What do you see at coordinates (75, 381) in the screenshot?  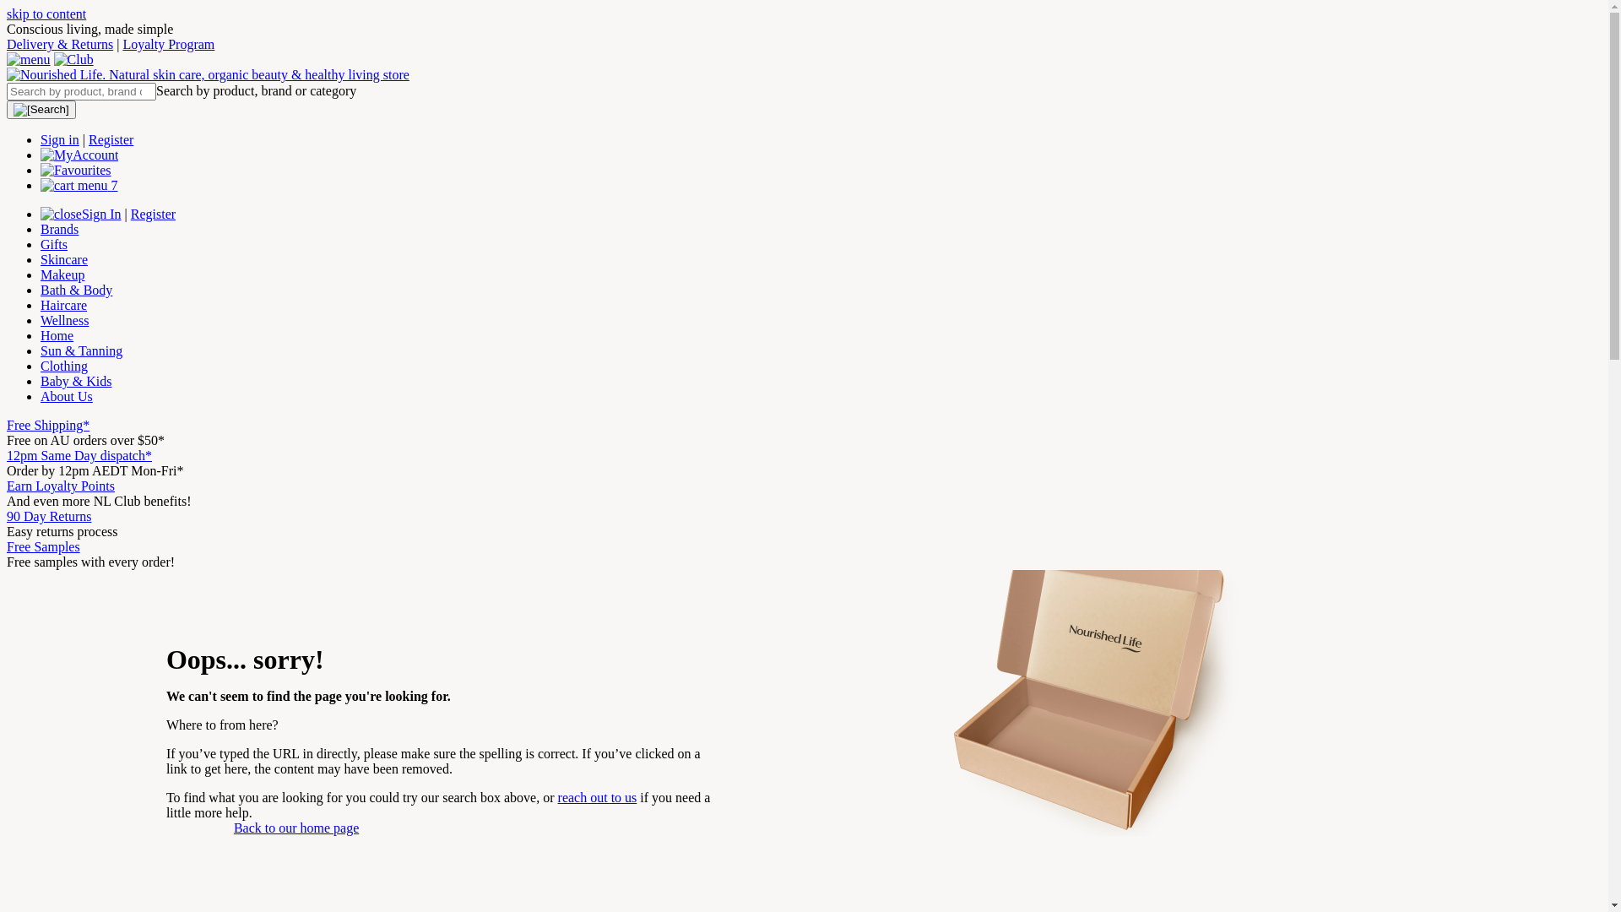 I see `'Baby & Kids'` at bounding box center [75, 381].